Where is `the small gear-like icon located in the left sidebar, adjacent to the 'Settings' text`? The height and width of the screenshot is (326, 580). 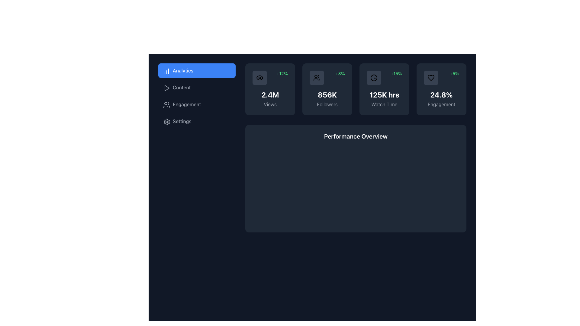 the small gear-like icon located in the left sidebar, adjacent to the 'Settings' text is located at coordinates (166, 121).